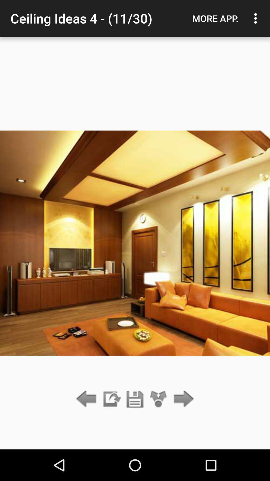 The width and height of the screenshot is (270, 481). What do you see at coordinates (111, 399) in the screenshot?
I see `the launch icon` at bounding box center [111, 399].